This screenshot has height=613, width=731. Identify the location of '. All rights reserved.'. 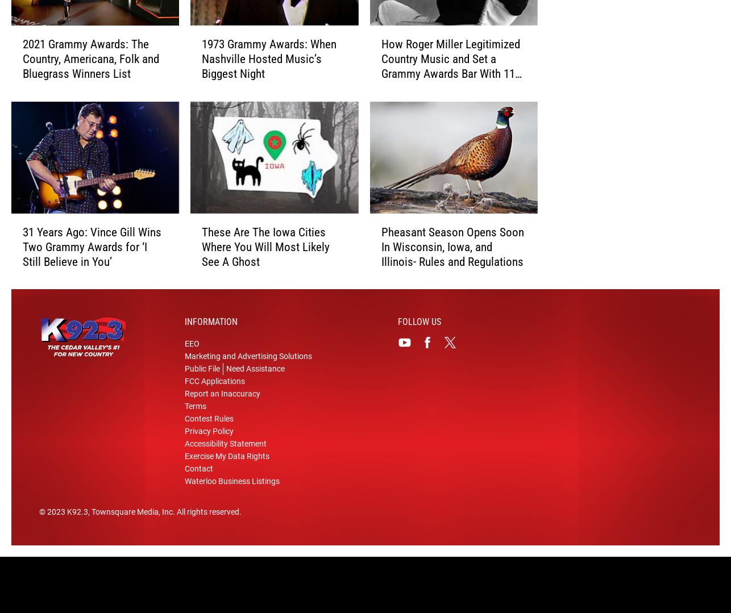
(206, 530).